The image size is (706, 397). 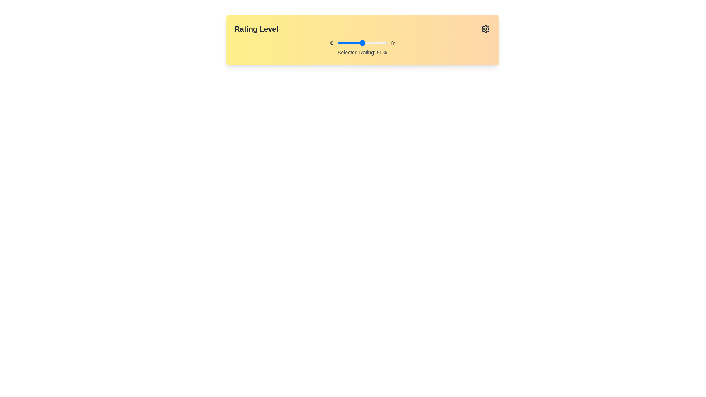 I want to click on the gear-shaped icon button in the header section labeled 'Rating Level', so click(x=485, y=28).